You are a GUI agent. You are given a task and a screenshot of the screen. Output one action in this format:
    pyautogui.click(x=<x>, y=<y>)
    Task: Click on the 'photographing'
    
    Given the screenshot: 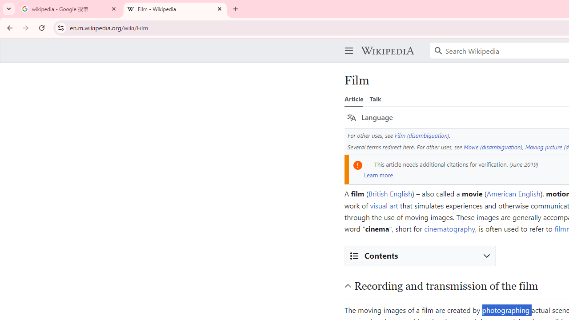 What is the action you would take?
    pyautogui.click(x=505, y=309)
    